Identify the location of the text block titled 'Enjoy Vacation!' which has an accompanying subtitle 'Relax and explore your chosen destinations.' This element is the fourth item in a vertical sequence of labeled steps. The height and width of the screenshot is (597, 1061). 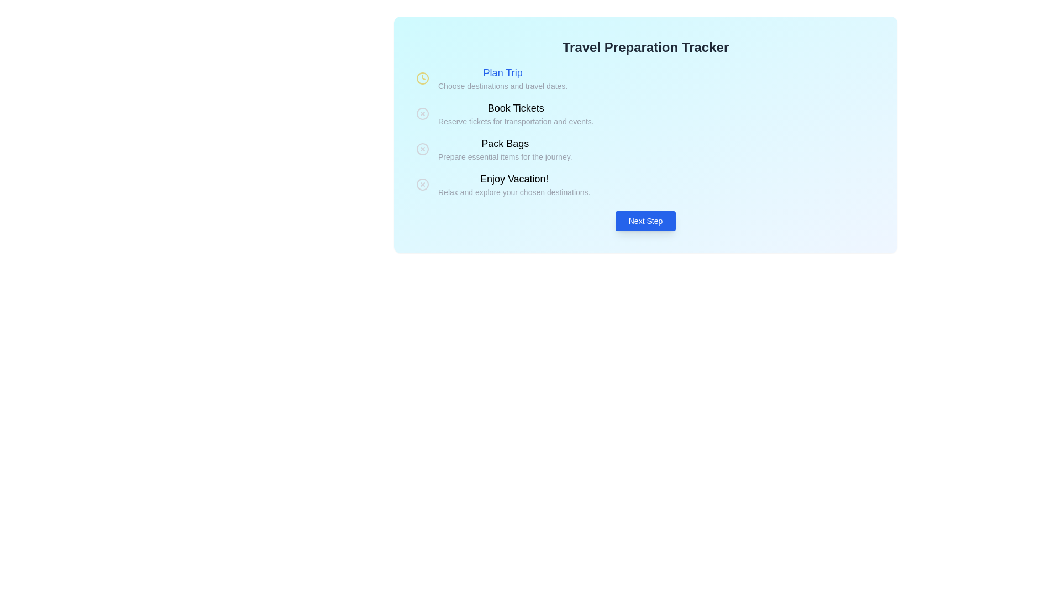
(513, 184).